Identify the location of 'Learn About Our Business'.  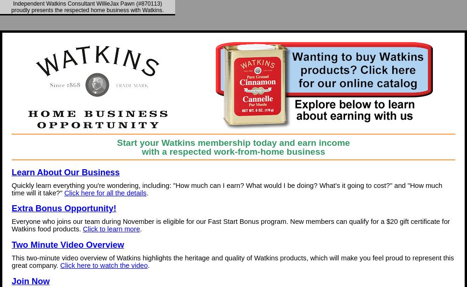
(65, 172).